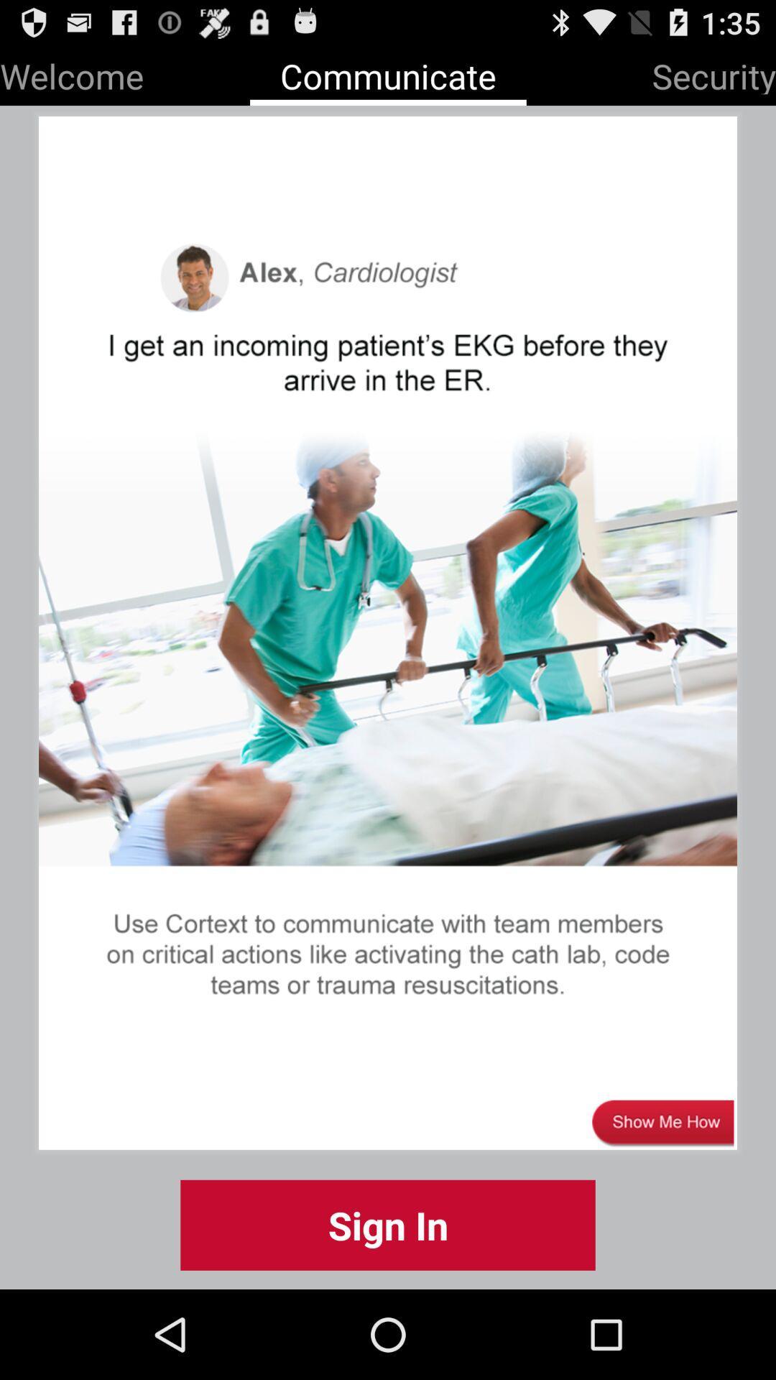  Describe the element at coordinates (388, 1224) in the screenshot. I see `the sign in icon` at that location.